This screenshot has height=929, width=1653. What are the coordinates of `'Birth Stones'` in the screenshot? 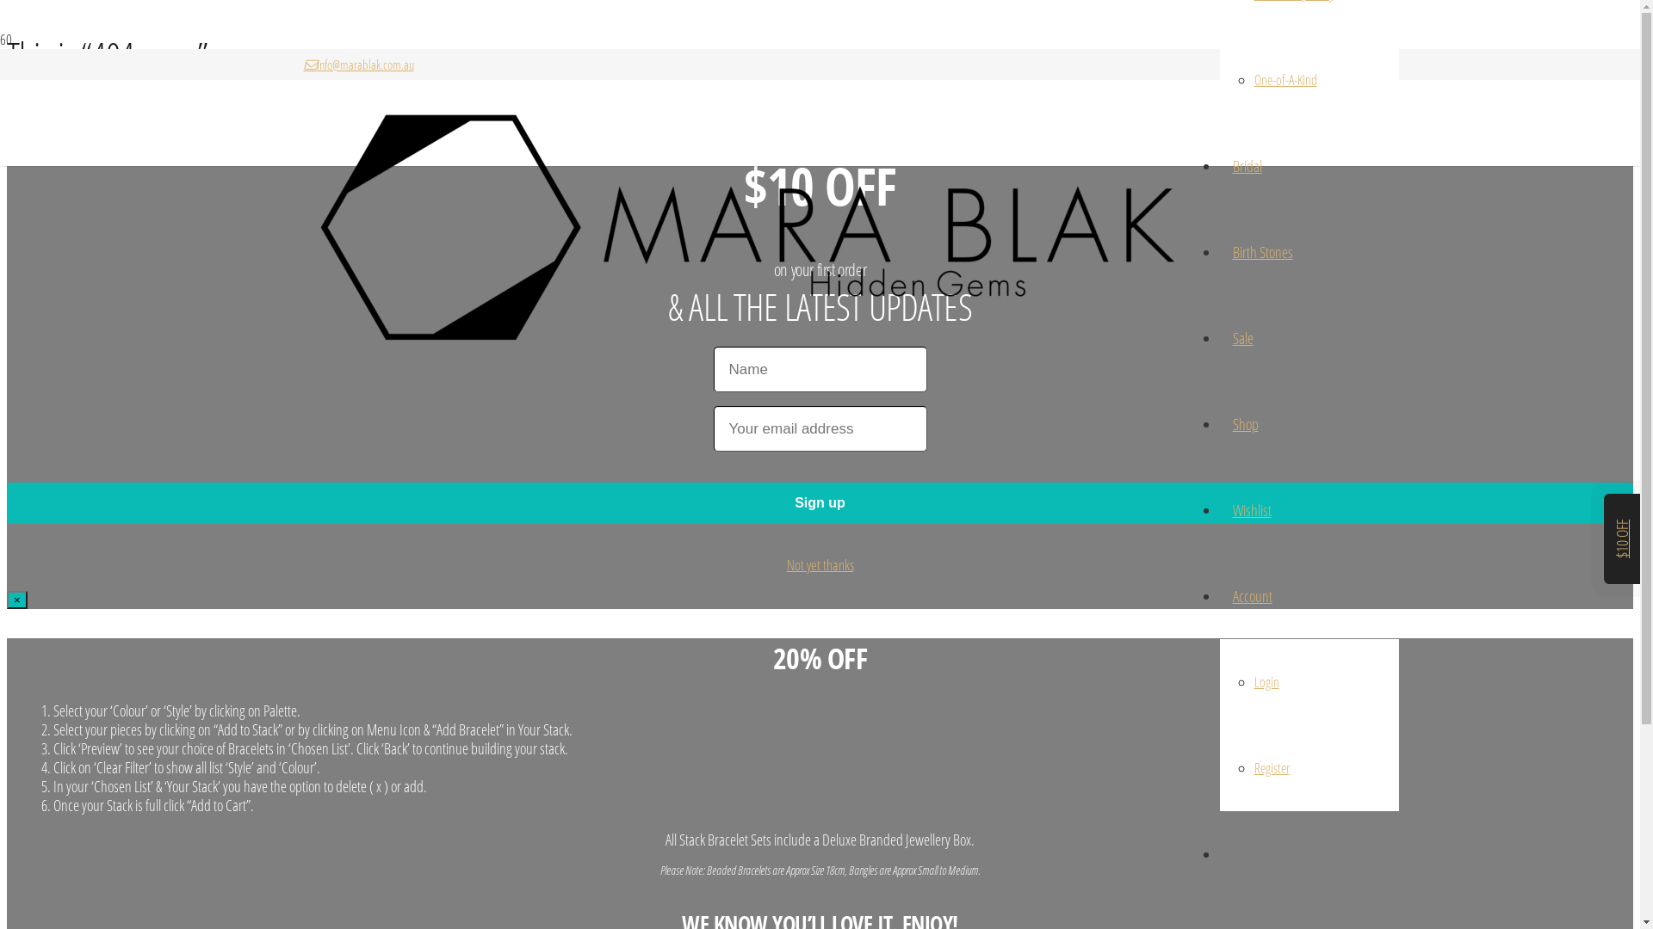 It's located at (1261, 252).